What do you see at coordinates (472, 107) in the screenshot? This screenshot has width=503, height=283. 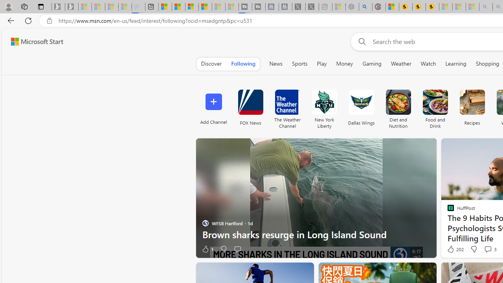 I see `'Recipes'` at bounding box center [472, 107].